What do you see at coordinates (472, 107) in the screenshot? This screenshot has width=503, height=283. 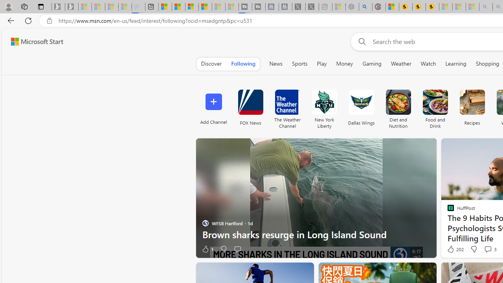 I see `'Recipes'` at bounding box center [472, 107].